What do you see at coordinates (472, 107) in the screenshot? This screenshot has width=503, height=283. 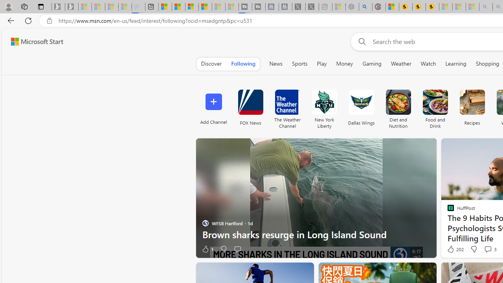 I see `'Recipes'` at bounding box center [472, 107].